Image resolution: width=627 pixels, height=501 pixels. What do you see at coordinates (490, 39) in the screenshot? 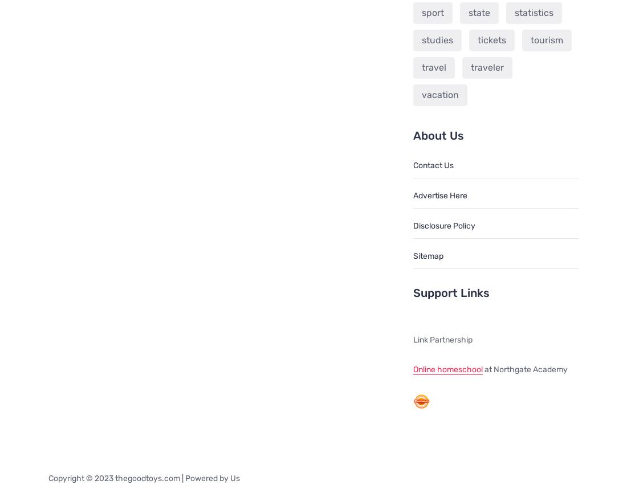
I see `'tickets'` at bounding box center [490, 39].